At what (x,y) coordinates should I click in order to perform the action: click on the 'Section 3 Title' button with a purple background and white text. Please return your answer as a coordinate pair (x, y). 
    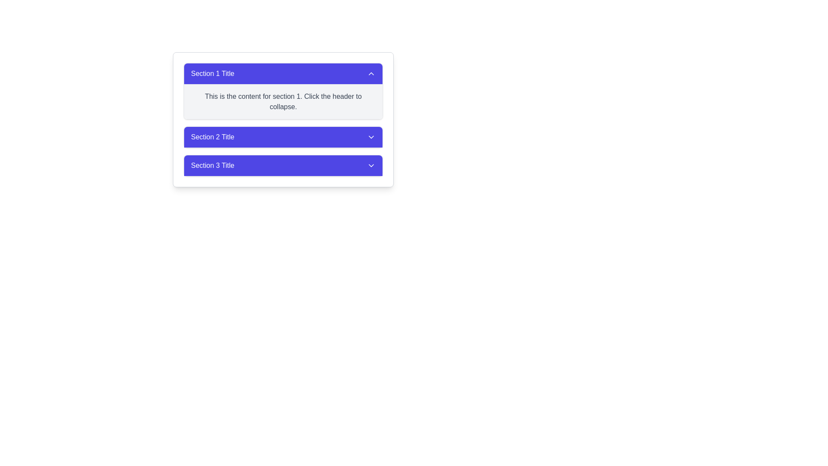
    Looking at the image, I should click on (283, 166).